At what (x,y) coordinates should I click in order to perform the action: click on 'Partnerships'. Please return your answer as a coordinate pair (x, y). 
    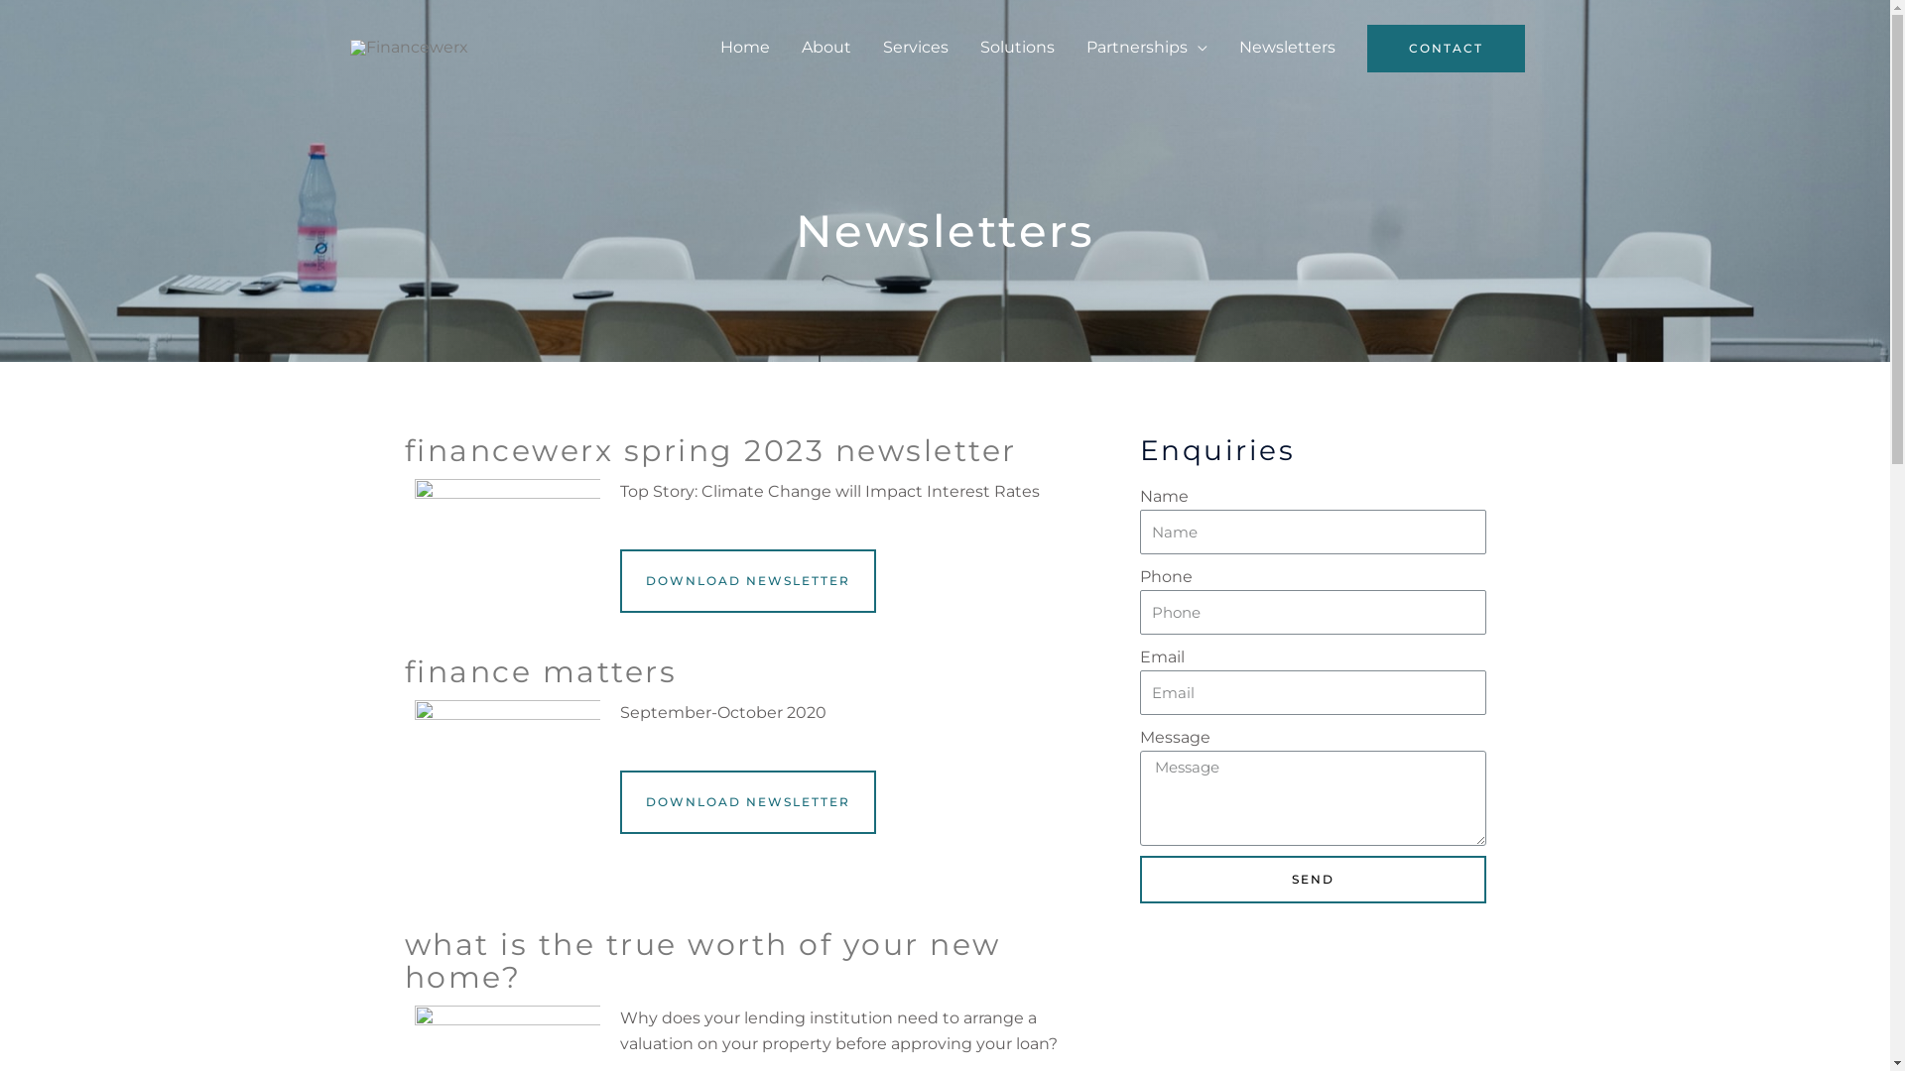
    Looking at the image, I should click on (1069, 46).